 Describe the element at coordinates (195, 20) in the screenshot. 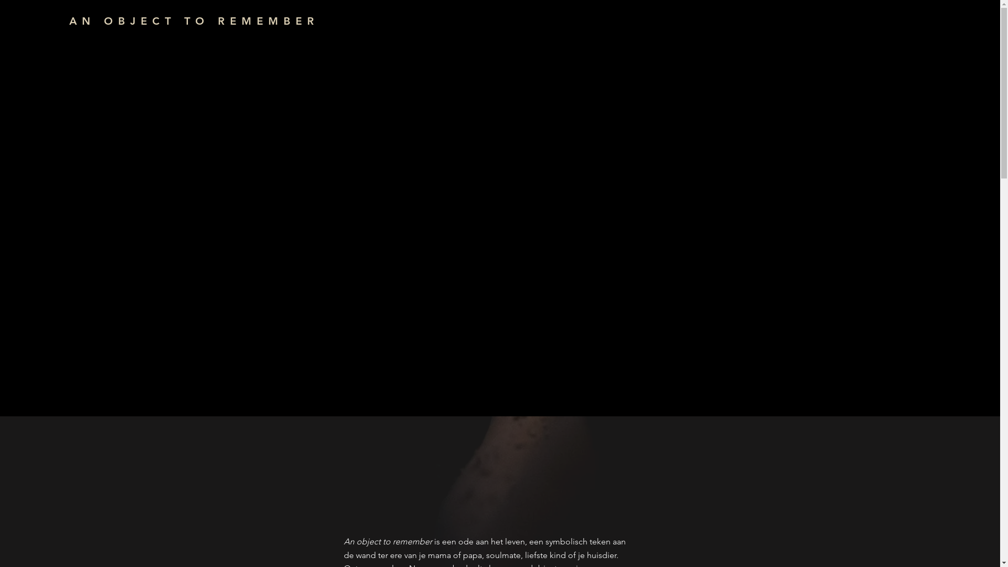

I see `'AN OBJECT TO REMEMBER'` at that location.